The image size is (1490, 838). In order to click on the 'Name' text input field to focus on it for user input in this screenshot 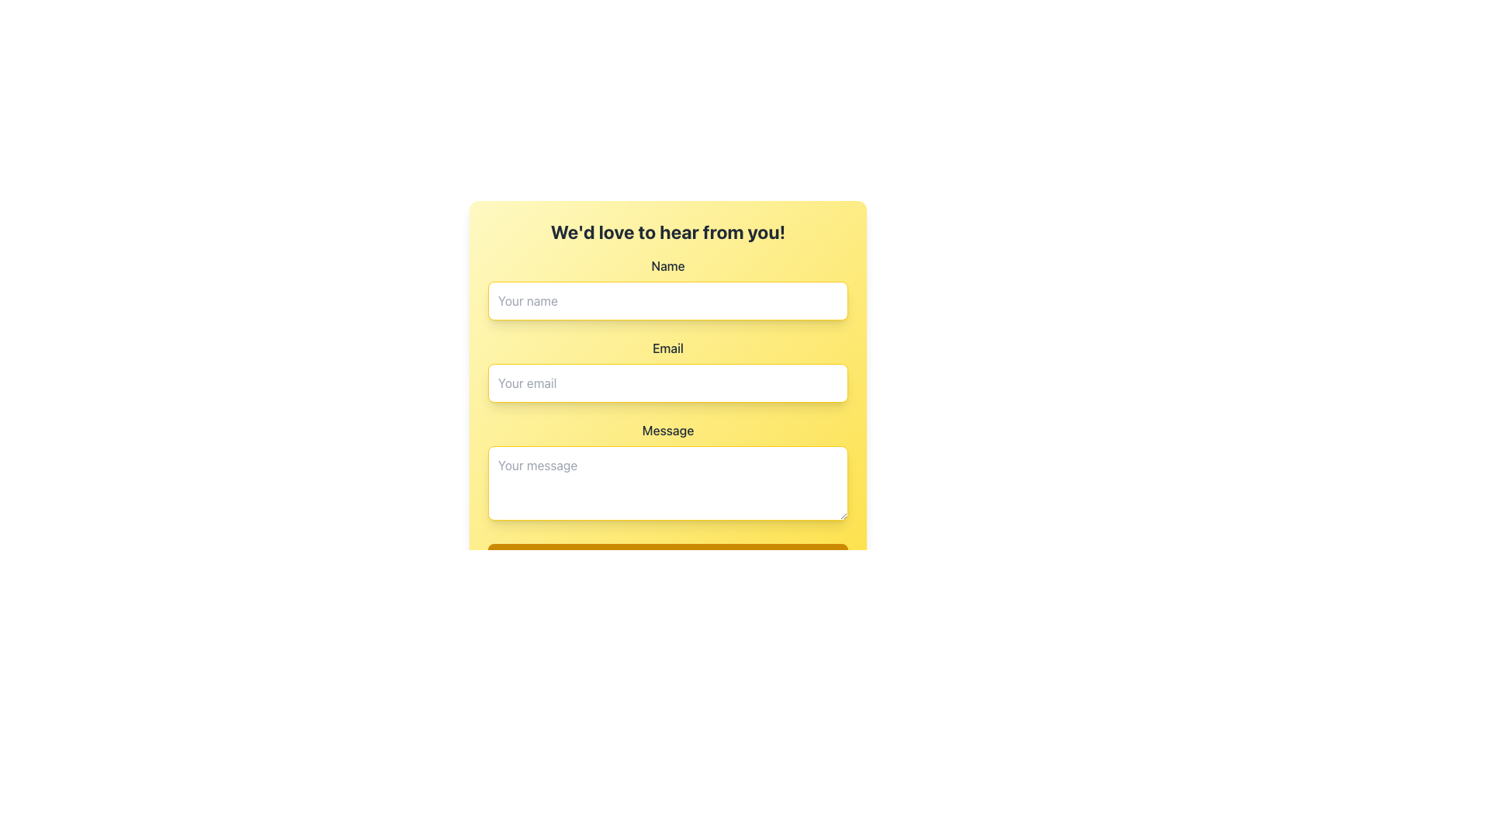, I will do `click(667, 288)`.